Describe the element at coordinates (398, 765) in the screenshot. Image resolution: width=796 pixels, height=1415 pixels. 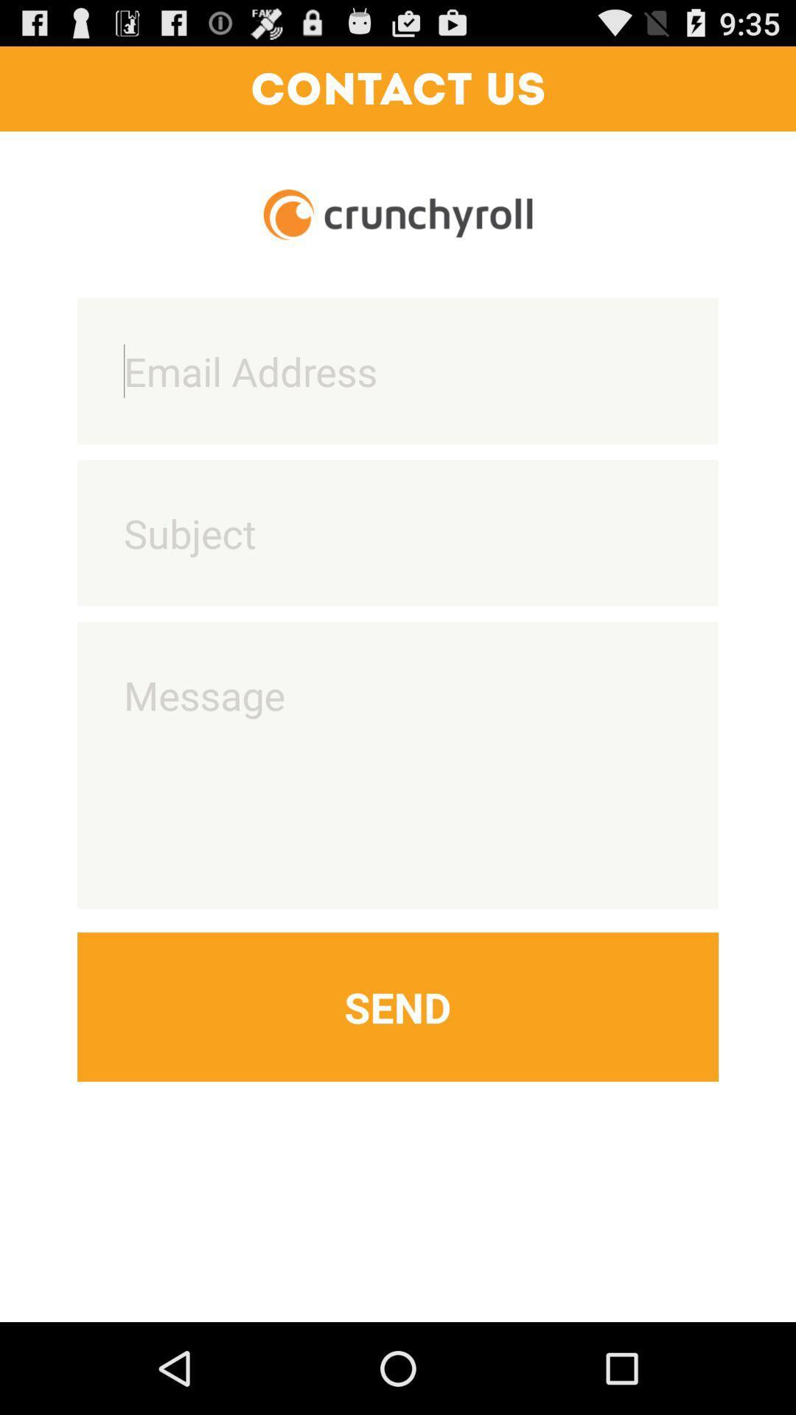
I see `write message` at that location.